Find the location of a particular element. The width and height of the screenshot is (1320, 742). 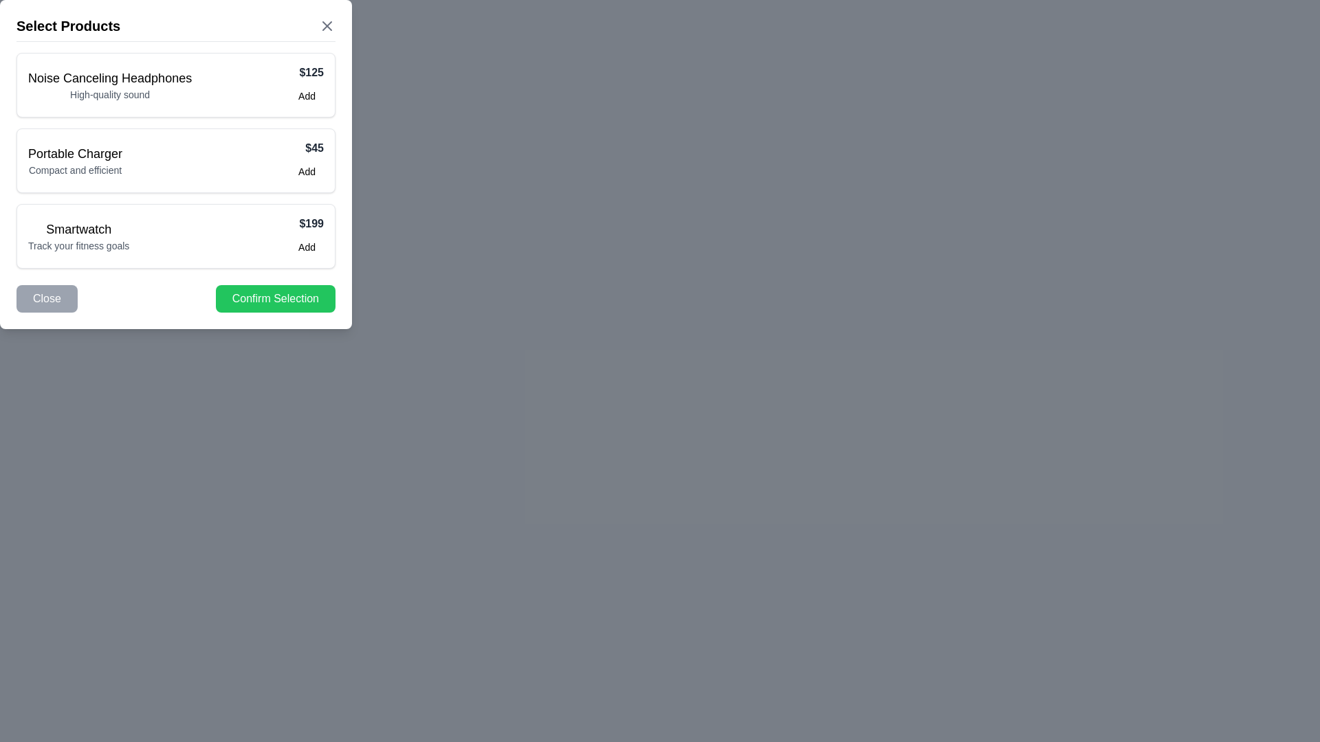

the text element displaying 'Compact and efficient' located below the title 'Portable Charger' in the product selection interface is located at coordinates (74, 169).